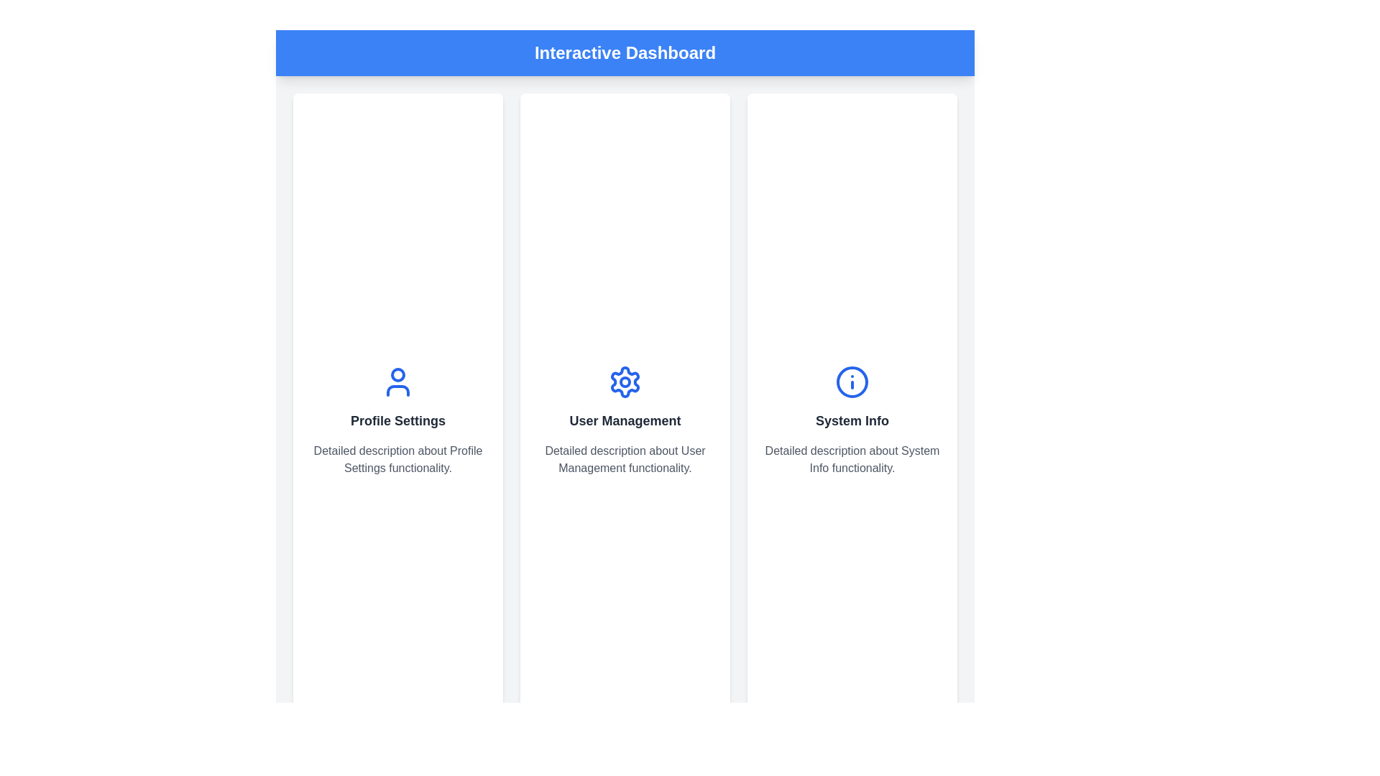 The width and height of the screenshot is (1380, 776). Describe the element at coordinates (852, 460) in the screenshot. I see `the explanatory text located beneath the heading 'System Info' within the 'System Info' card` at that location.